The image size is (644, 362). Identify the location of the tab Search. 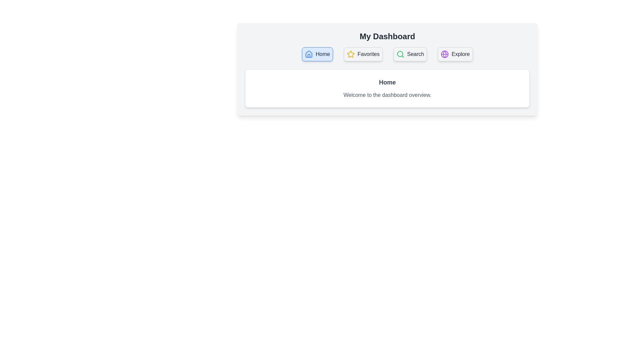
(410, 54).